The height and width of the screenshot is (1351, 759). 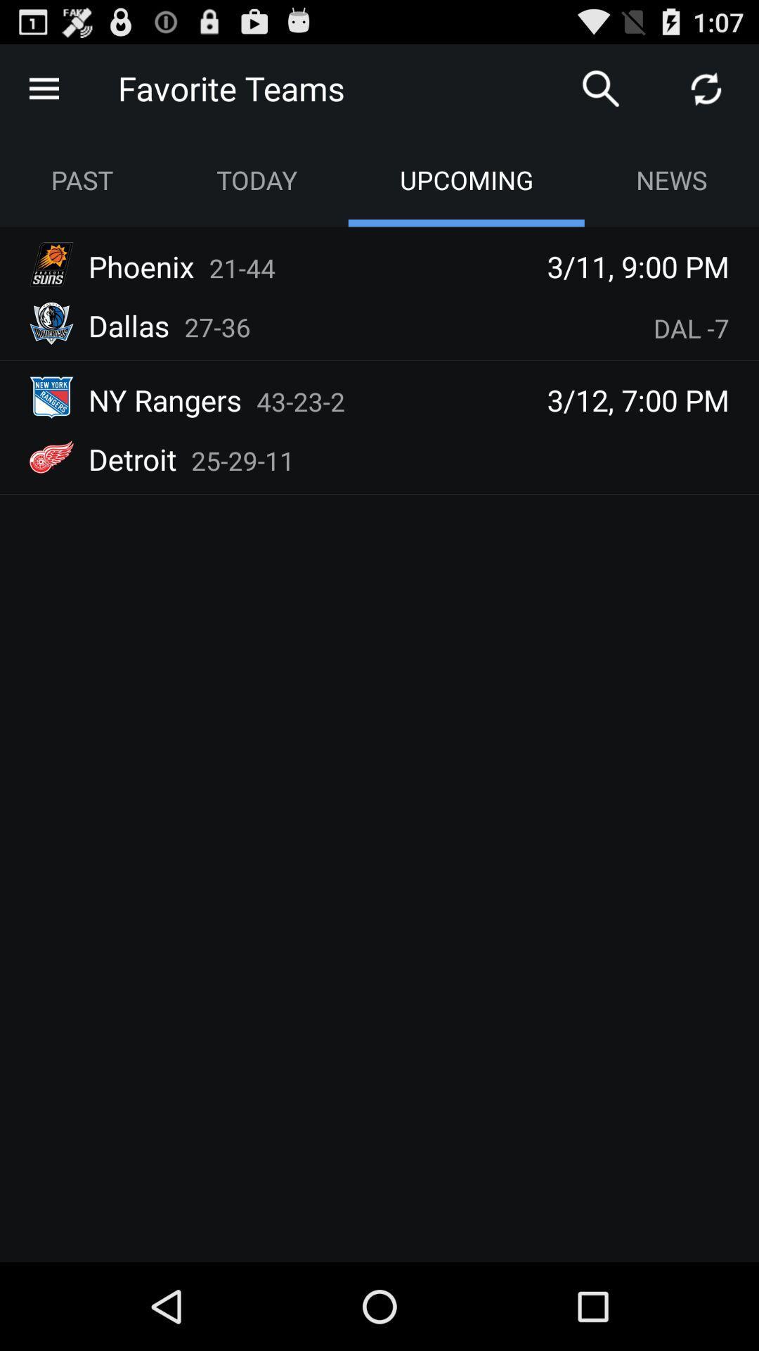 I want to click on the app next to 43-23-2 item, so click(x=164, y=399).